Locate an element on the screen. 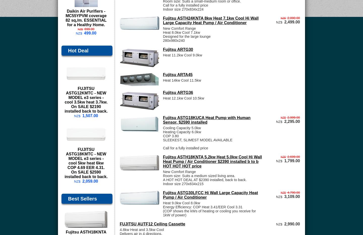  '699.00' is located at coordinates (89, 28).